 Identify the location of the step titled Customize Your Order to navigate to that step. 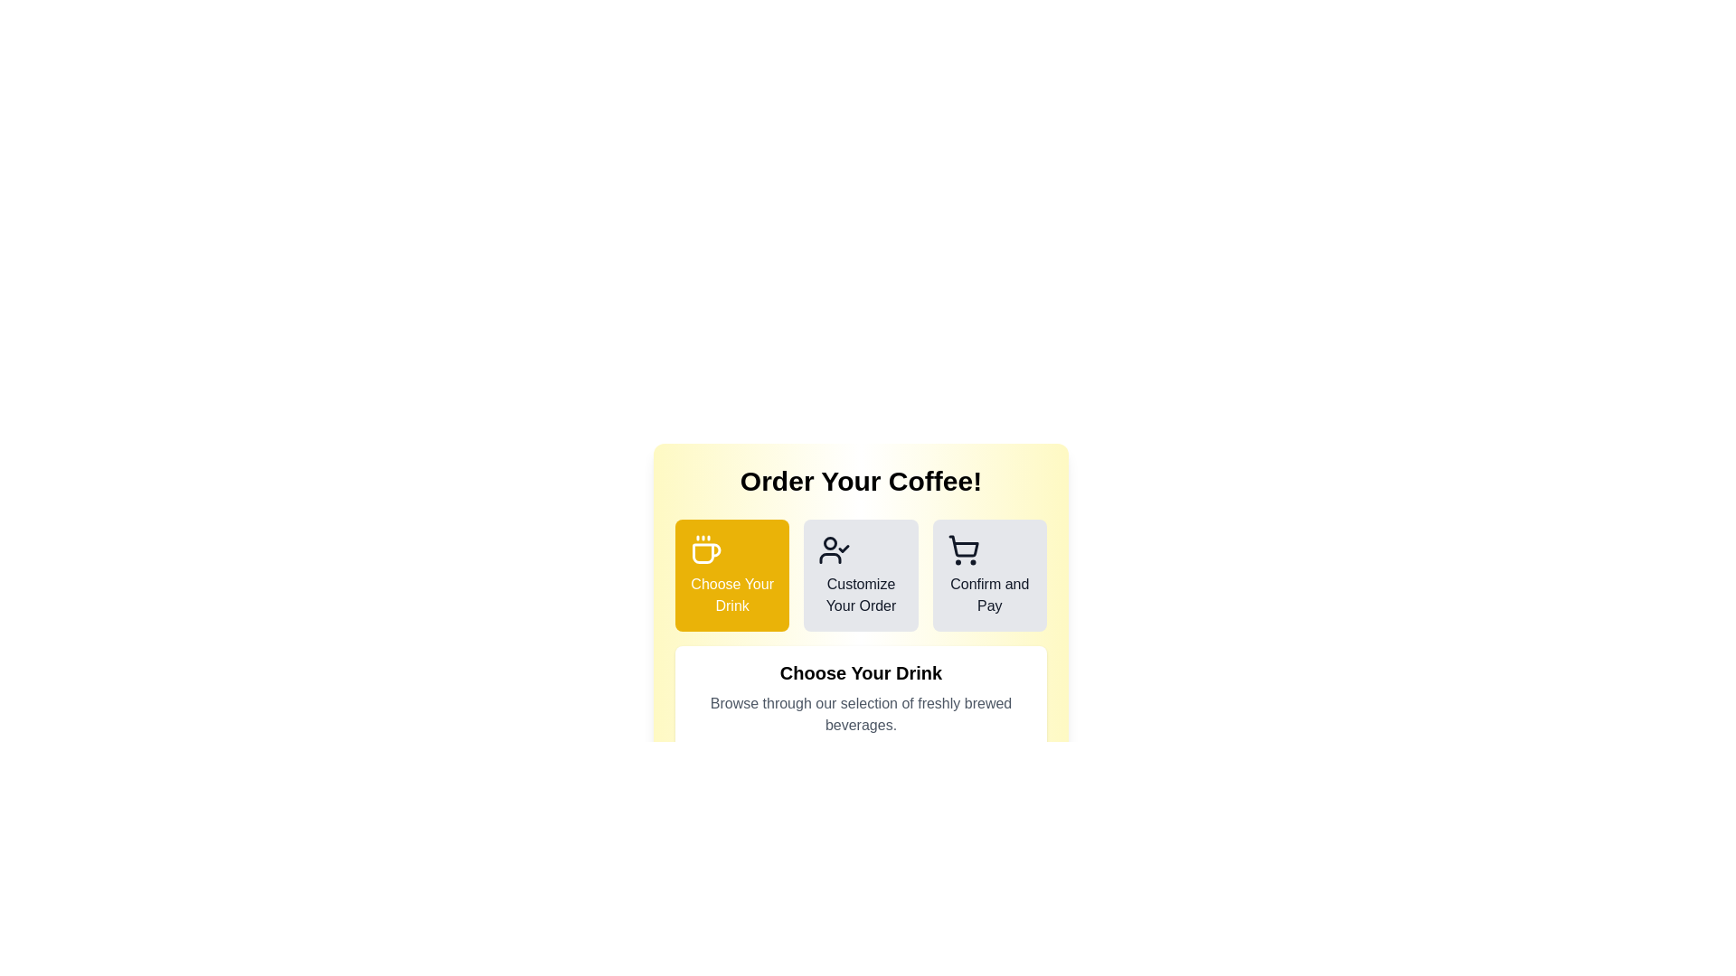
(859, 575).